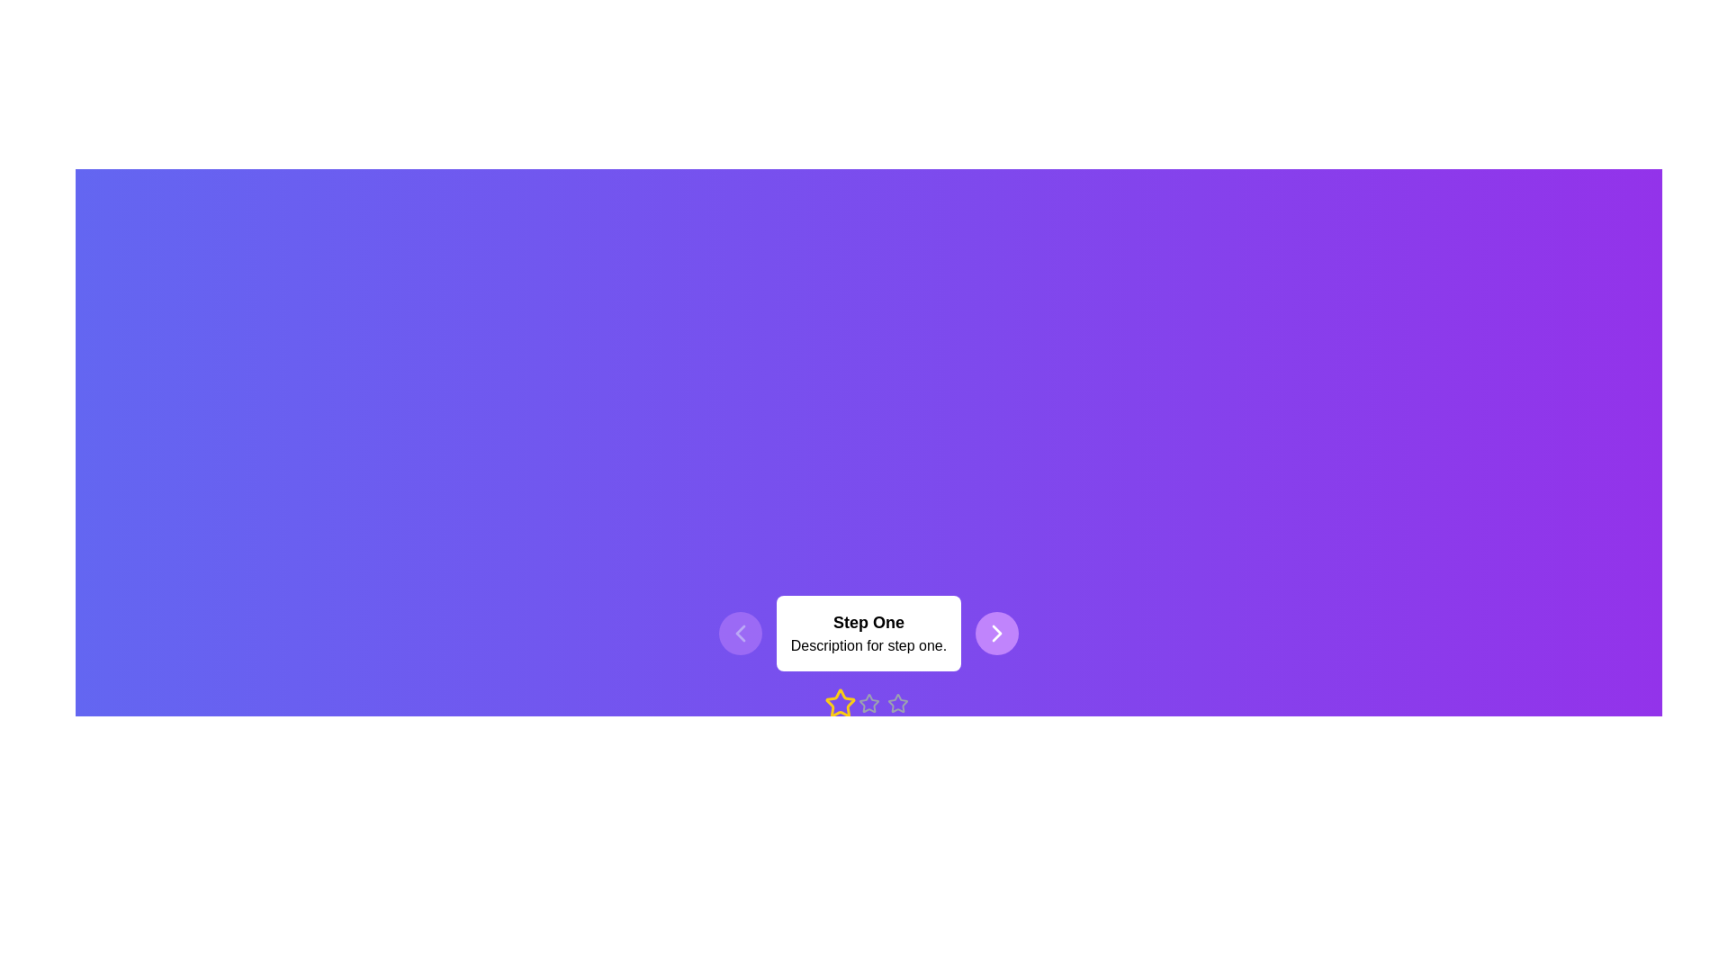  I want to click on the current step to 1 by clicking the corresponding star, so click(839, 703).